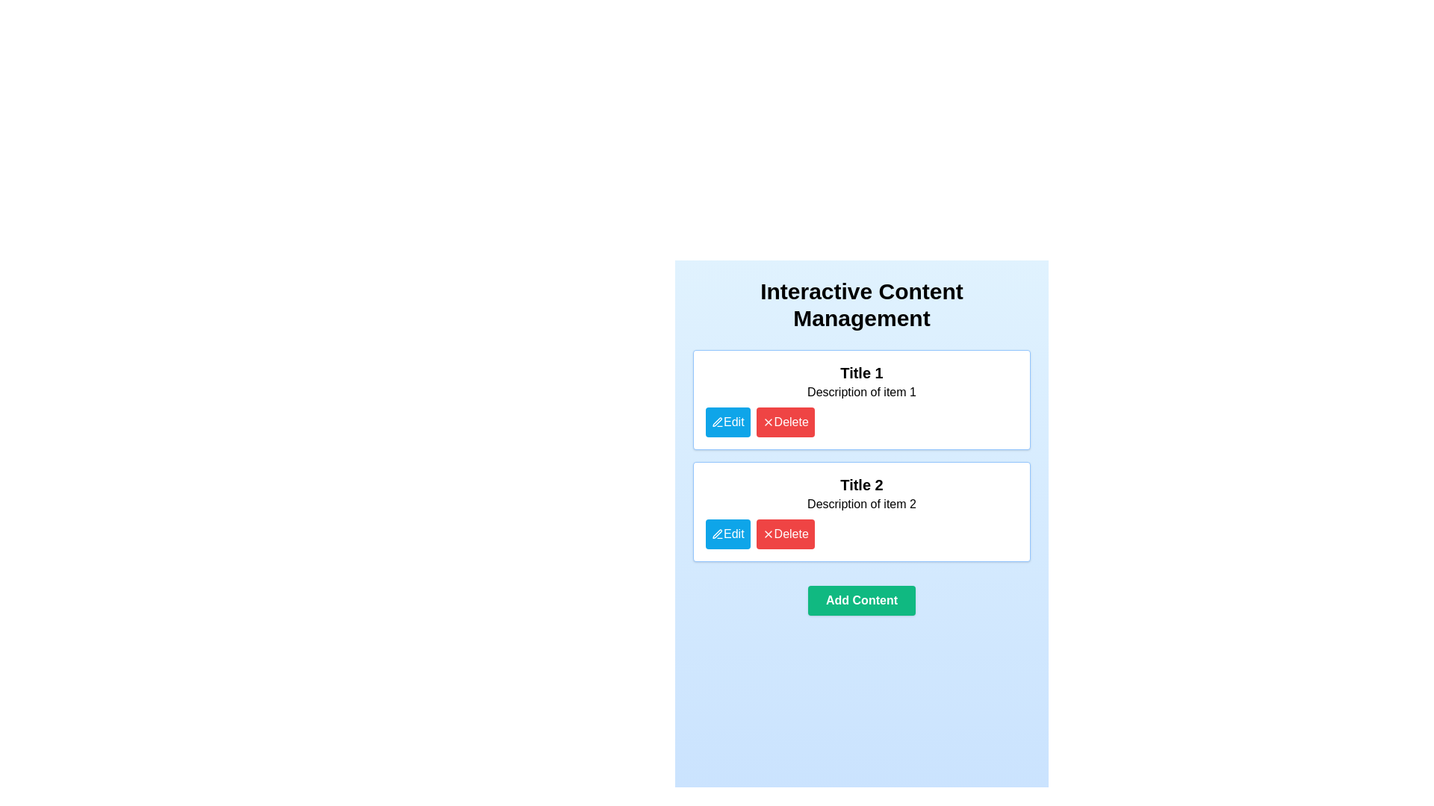  Describe the element at coordinates (861, 391) in the screenshot. I see `the static text element that reads 'Description of item 1', which is positioned directly below 'Title 1' in a smaller, lighter font` at that location.